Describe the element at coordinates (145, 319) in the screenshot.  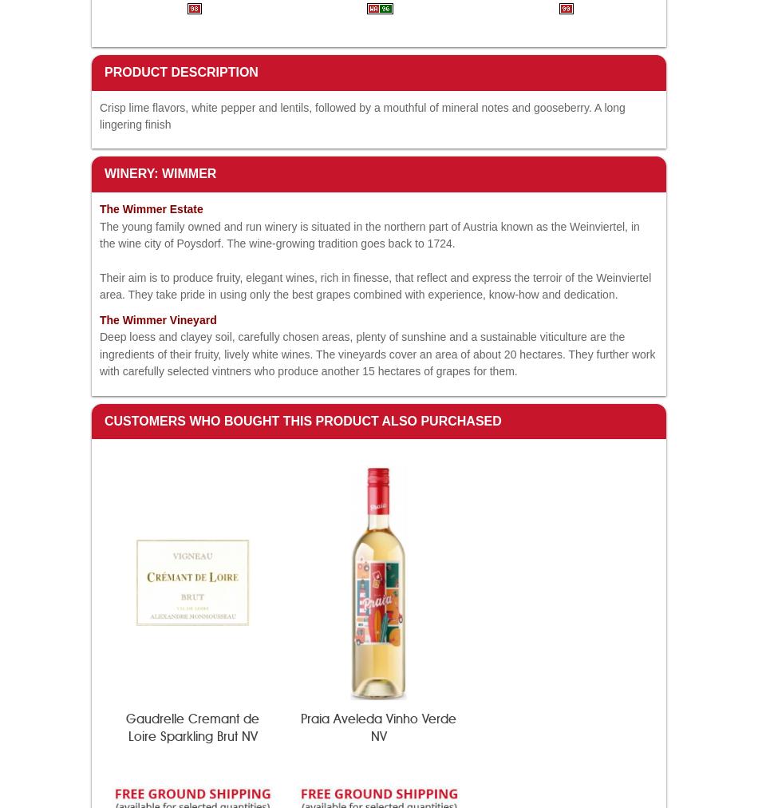
I see `'Wimmer'` at that location.